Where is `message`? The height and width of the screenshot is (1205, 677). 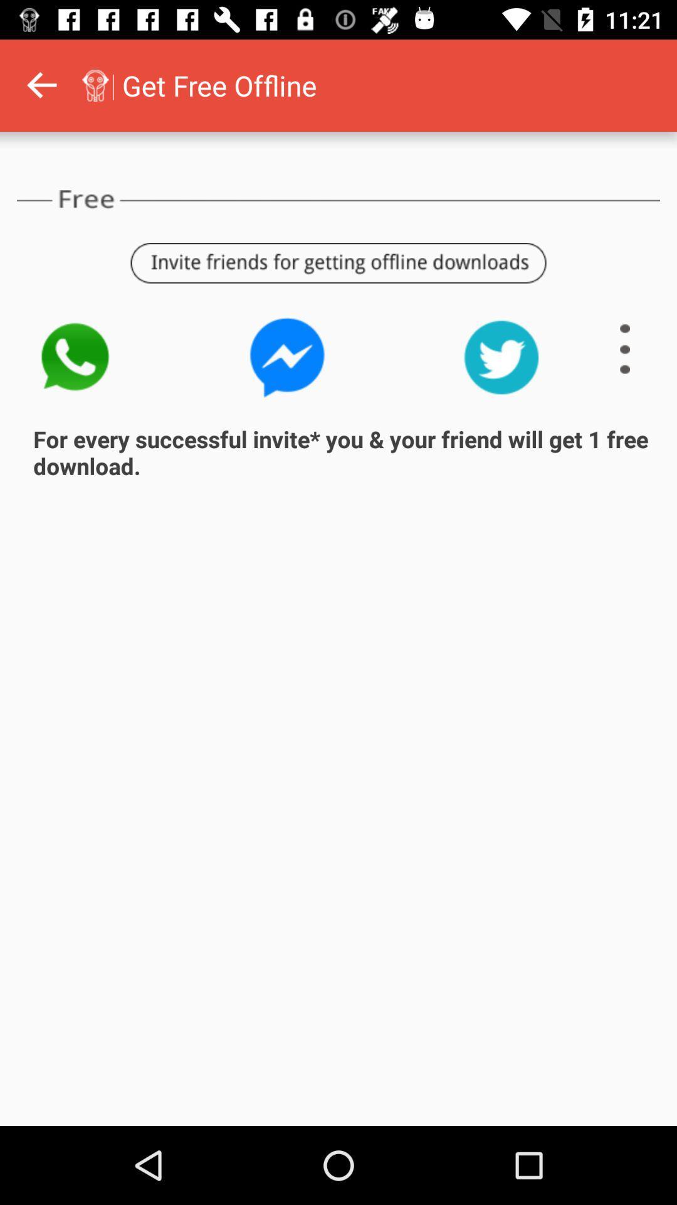
message is located at coordinates (288, 356).